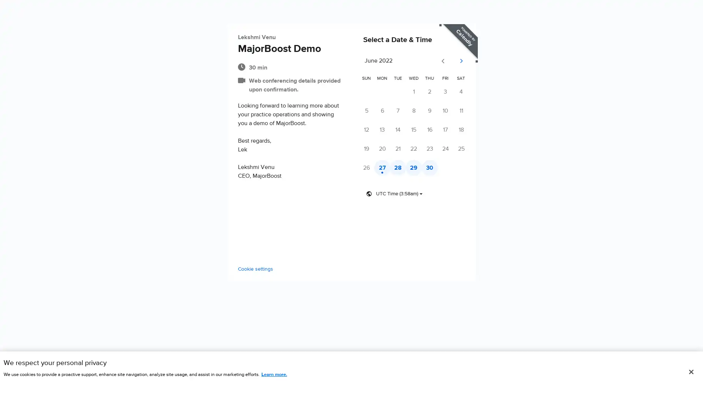 The height and width of the screenshot is (395, 703). What do you see at coordinates (405, 129) in the screenshot?
I see `Tuesday, June 14 - No times available` at bounding box center [405, 129].